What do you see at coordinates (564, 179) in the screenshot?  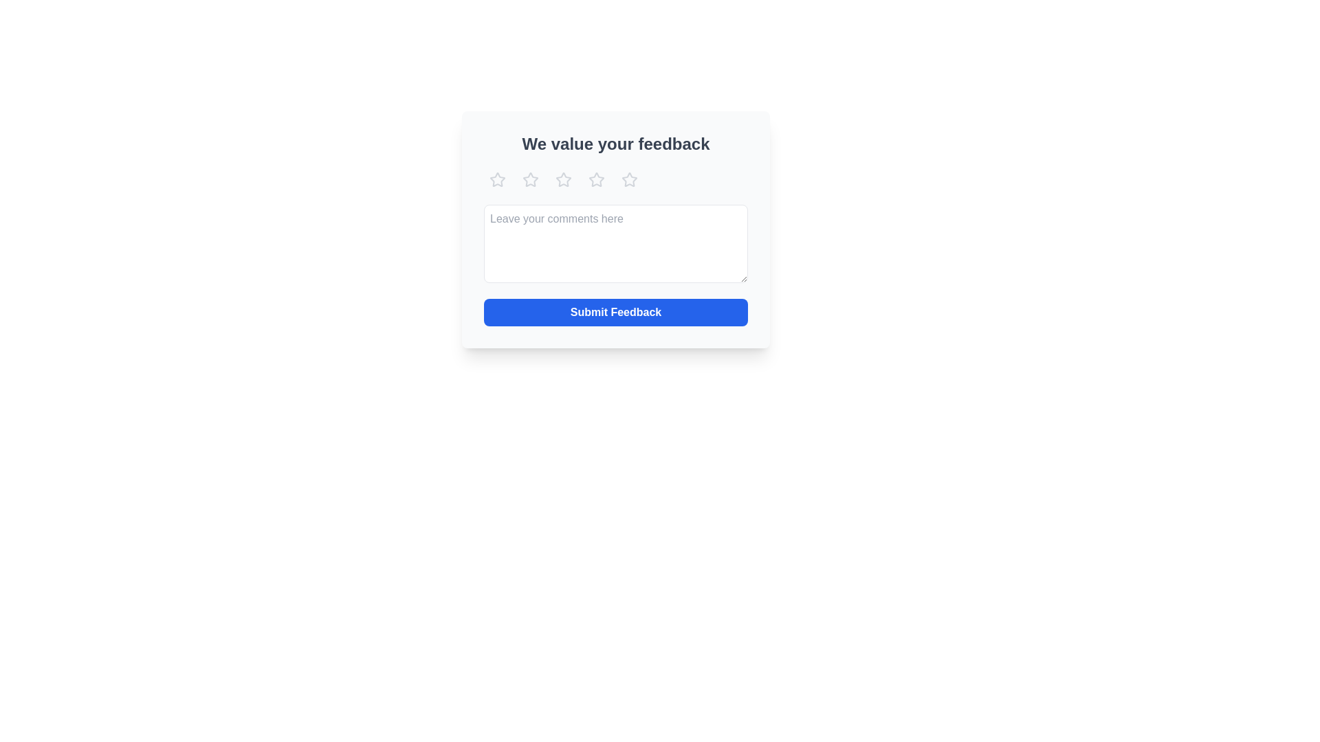 I see `the third star icon in the rating section` at bounding box center [564, 179].